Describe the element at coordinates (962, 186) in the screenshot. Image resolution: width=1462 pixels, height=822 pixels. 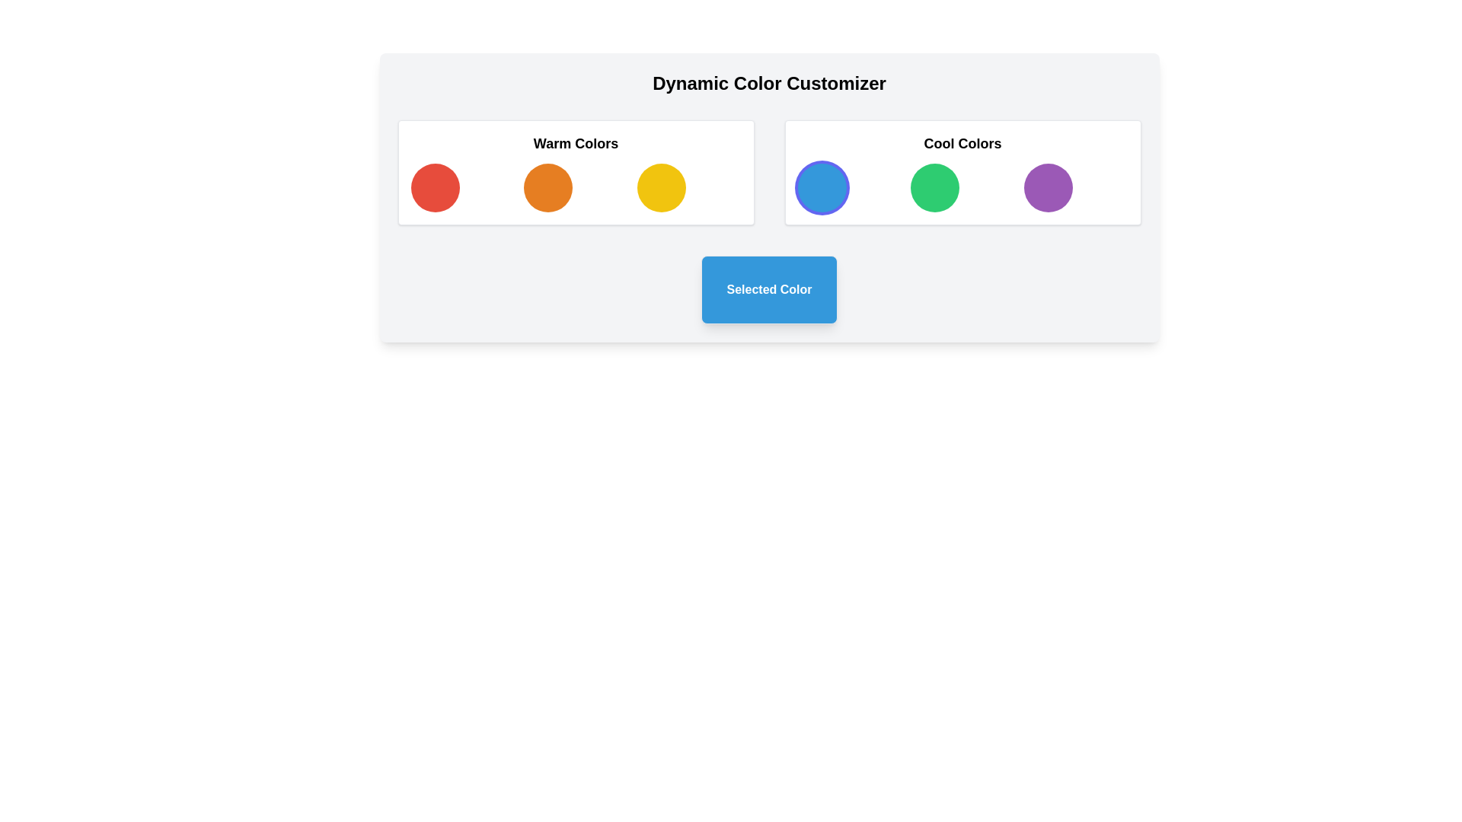
I see `the green circular button in the 'Cool Colors' section` at that location.